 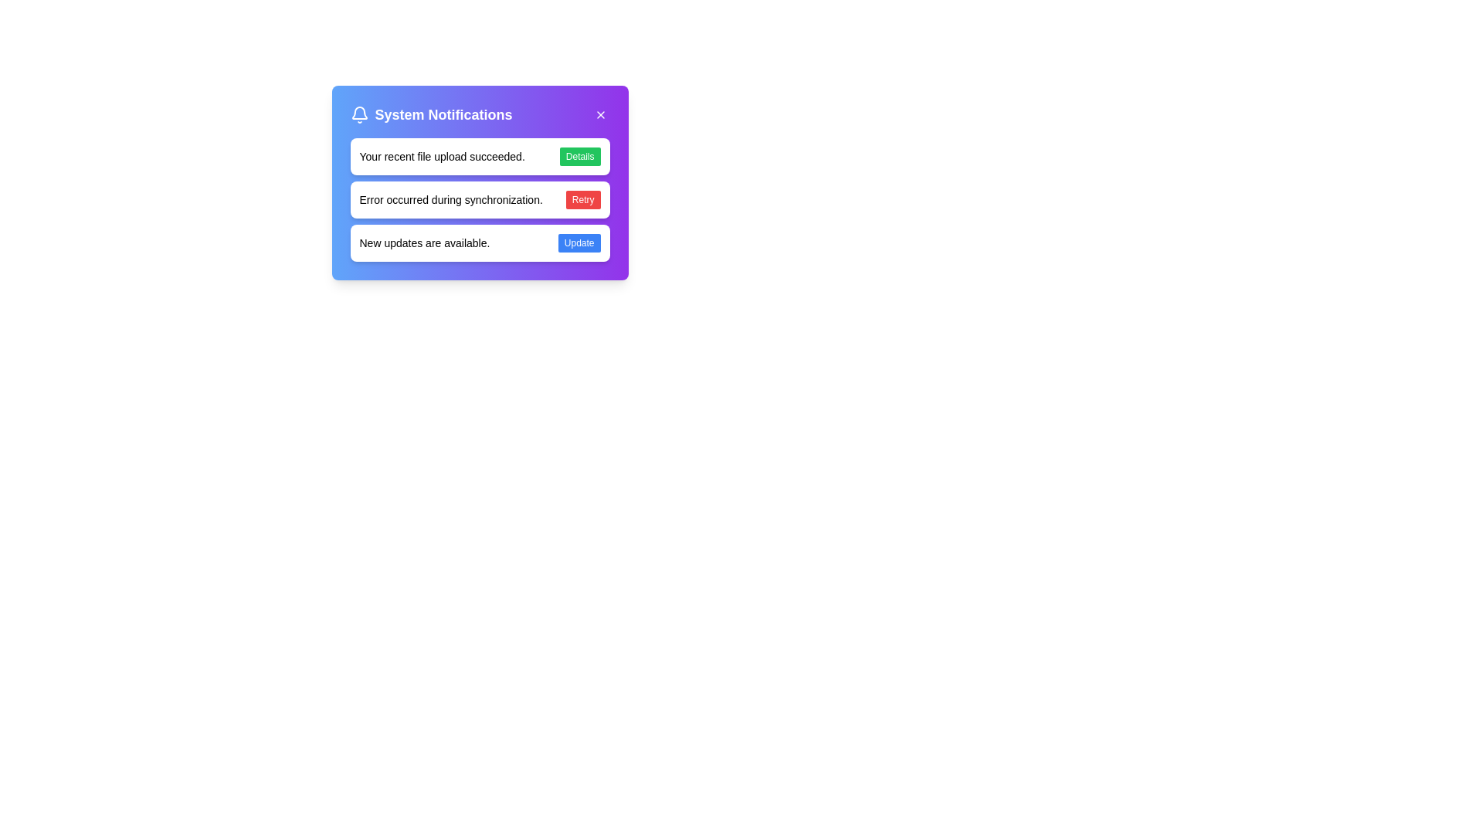 I want to click on the button in the notification labeled 'Your recent file upload succeeded.', so click(x=579, y=157).